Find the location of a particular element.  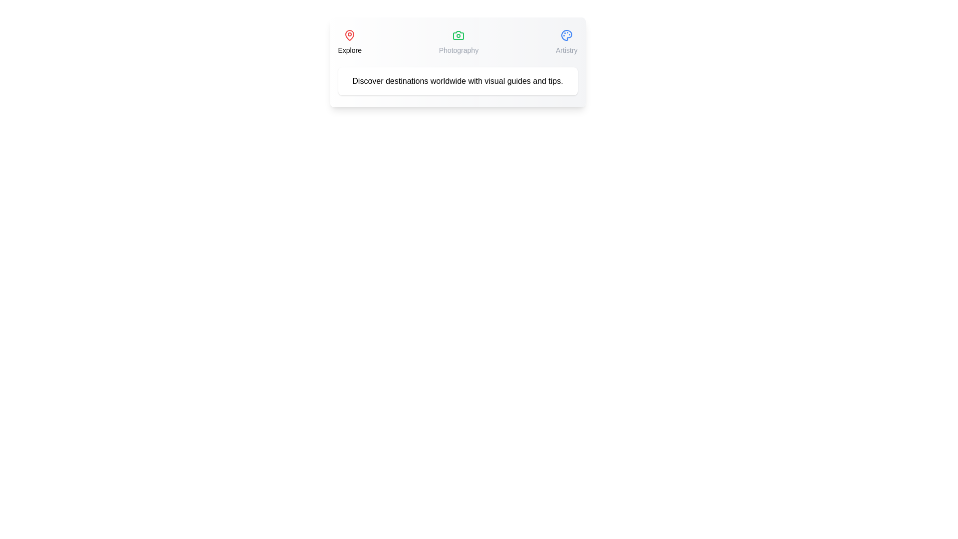

the tab labeled Photography to trigger its hover interaction is located at coordinates (458, 41).